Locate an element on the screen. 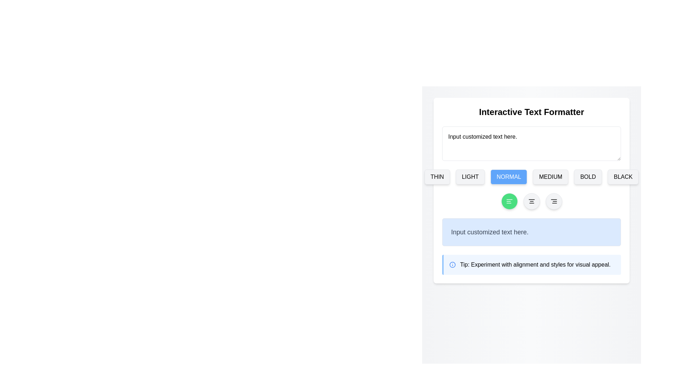  the circular button with a light gray background and dark icon resembling three horizontal lines for keyboard navigation is located at coordinates (553, 201).